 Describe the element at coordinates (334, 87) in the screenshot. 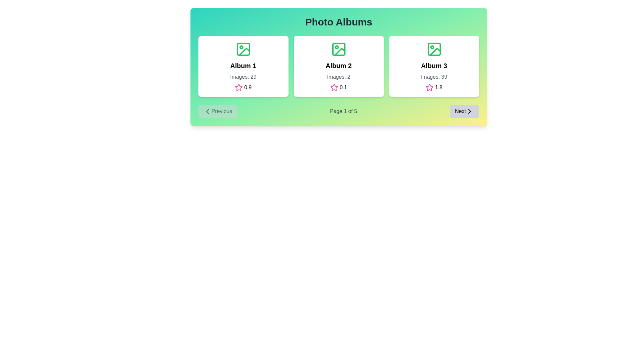

I see `the pink five-pointed star icon with a bold outline, located below the 'Album 2' section next to the rating value` at that location.